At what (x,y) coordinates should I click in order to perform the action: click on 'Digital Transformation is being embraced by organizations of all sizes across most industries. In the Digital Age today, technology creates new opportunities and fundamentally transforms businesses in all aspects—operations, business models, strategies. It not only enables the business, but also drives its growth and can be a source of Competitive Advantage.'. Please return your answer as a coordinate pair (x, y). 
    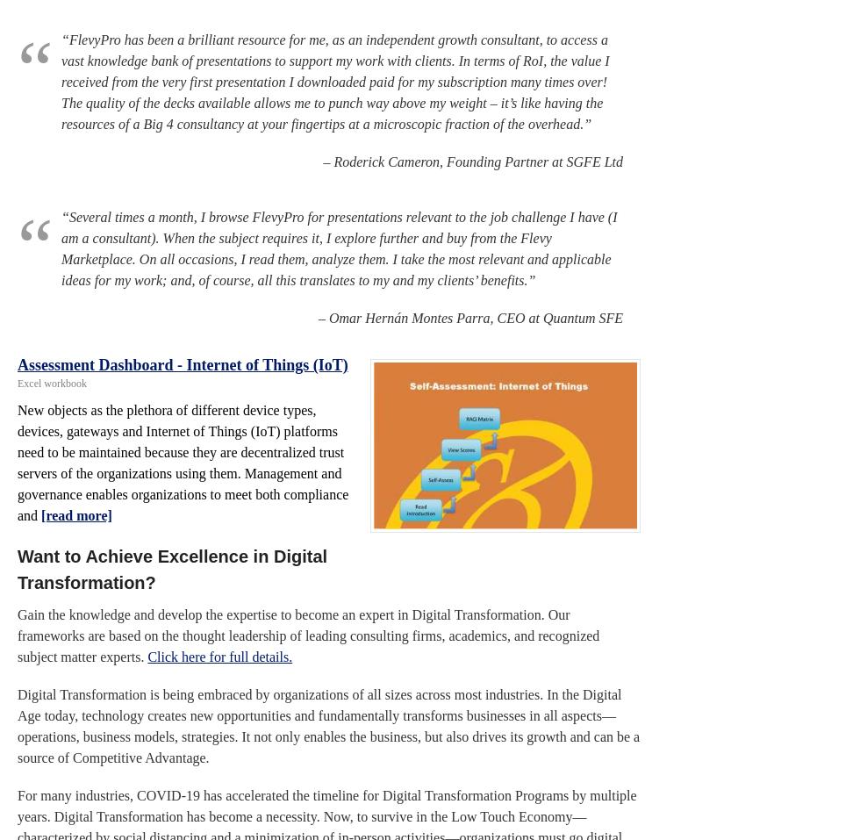
    Looking at the image, I should click on (328, 725).